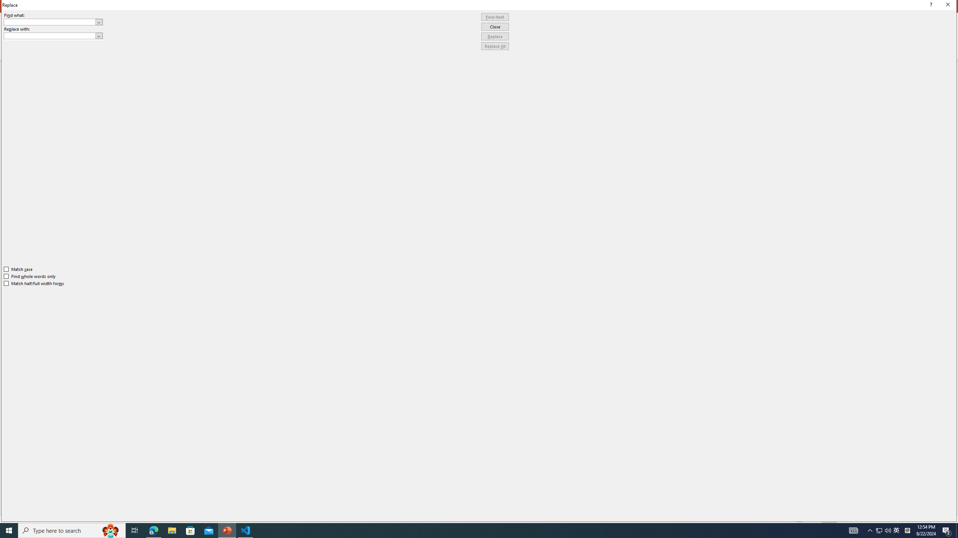 This screenshot has height=538, width=958. I want to click on 'Replace', so click(495, 36).